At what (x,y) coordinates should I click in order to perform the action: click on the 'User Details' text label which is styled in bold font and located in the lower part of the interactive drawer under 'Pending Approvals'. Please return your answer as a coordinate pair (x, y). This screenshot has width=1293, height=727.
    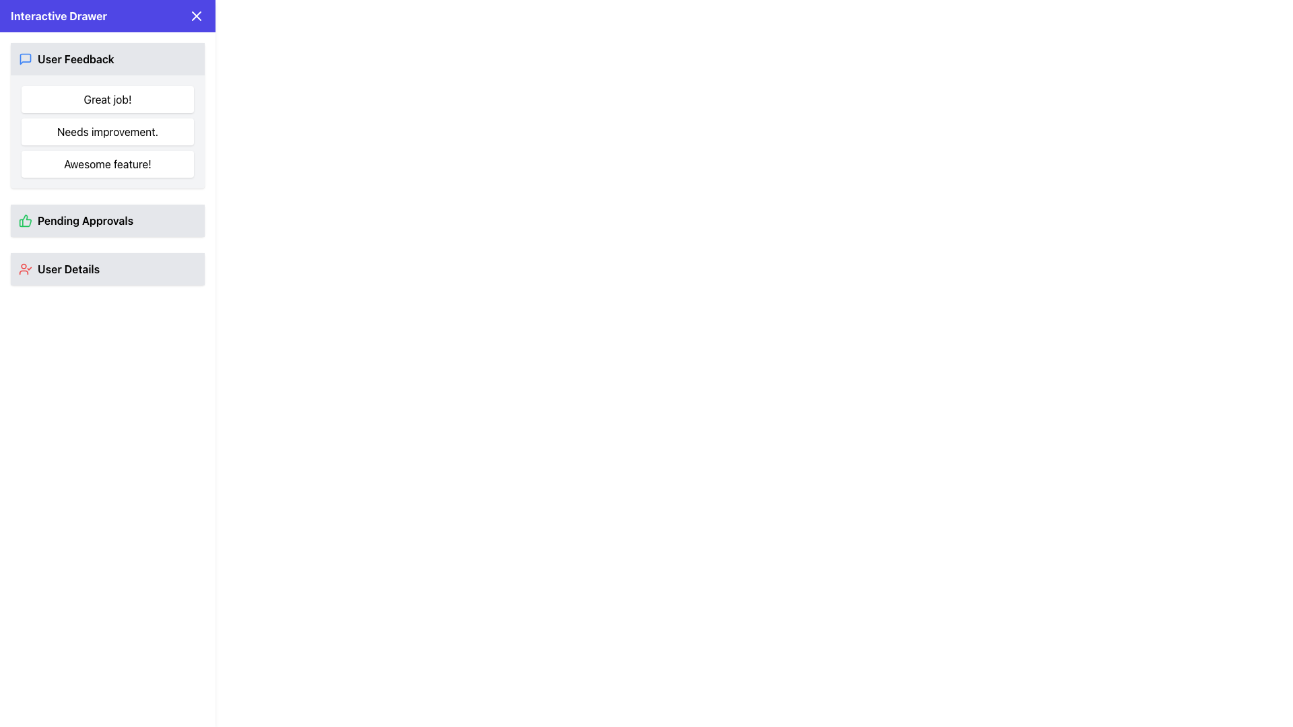
    Looking at the image, I should click on (67, 269).